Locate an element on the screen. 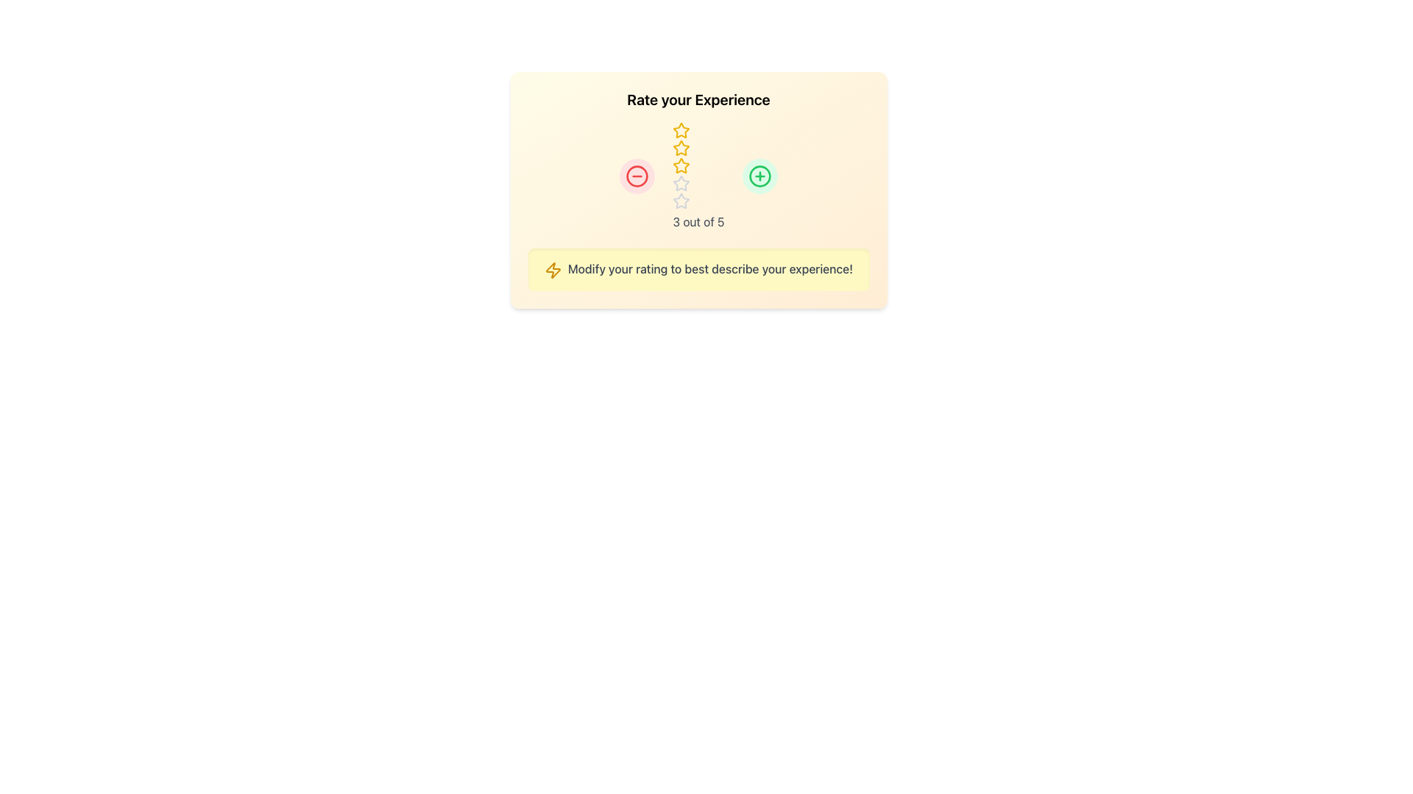 This screenshot has height=794, width=1413. the heading label text at the top center of the card, which guides users to rate their experience is located at coordinates (698, 99).